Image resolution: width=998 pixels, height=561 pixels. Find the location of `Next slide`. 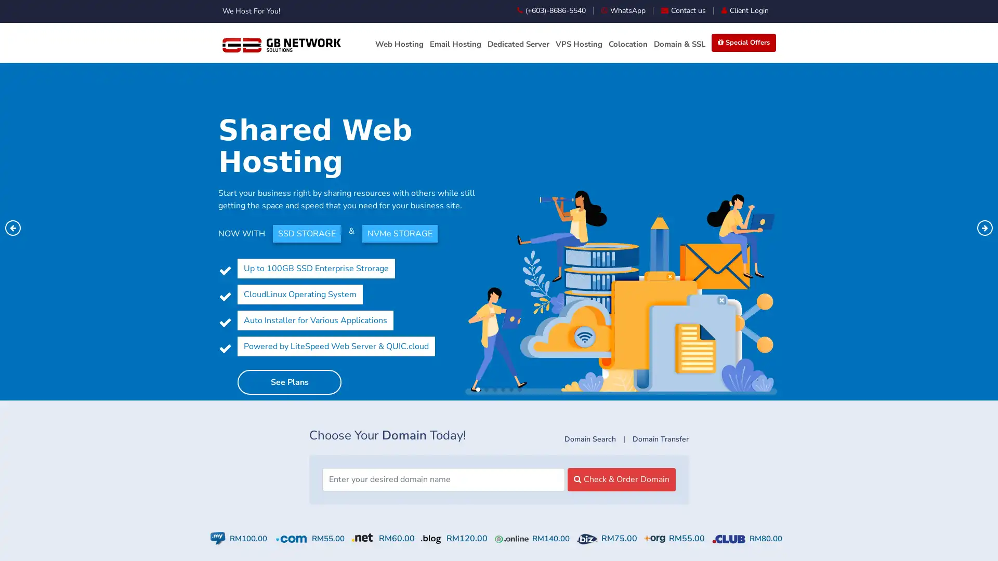

Next slide is located at coordinates (984, 227).